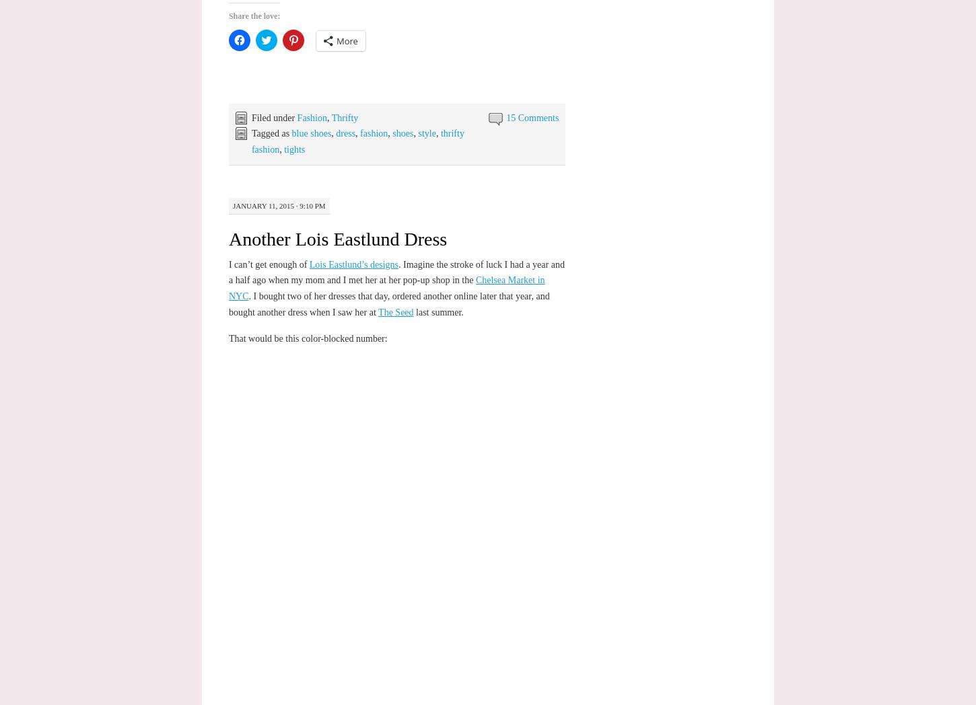 The image size is (976, 705). What do you see at coordinates (250, 117) in the screenshot?
I see `'Filed under'` at bounding box center [250, 117].